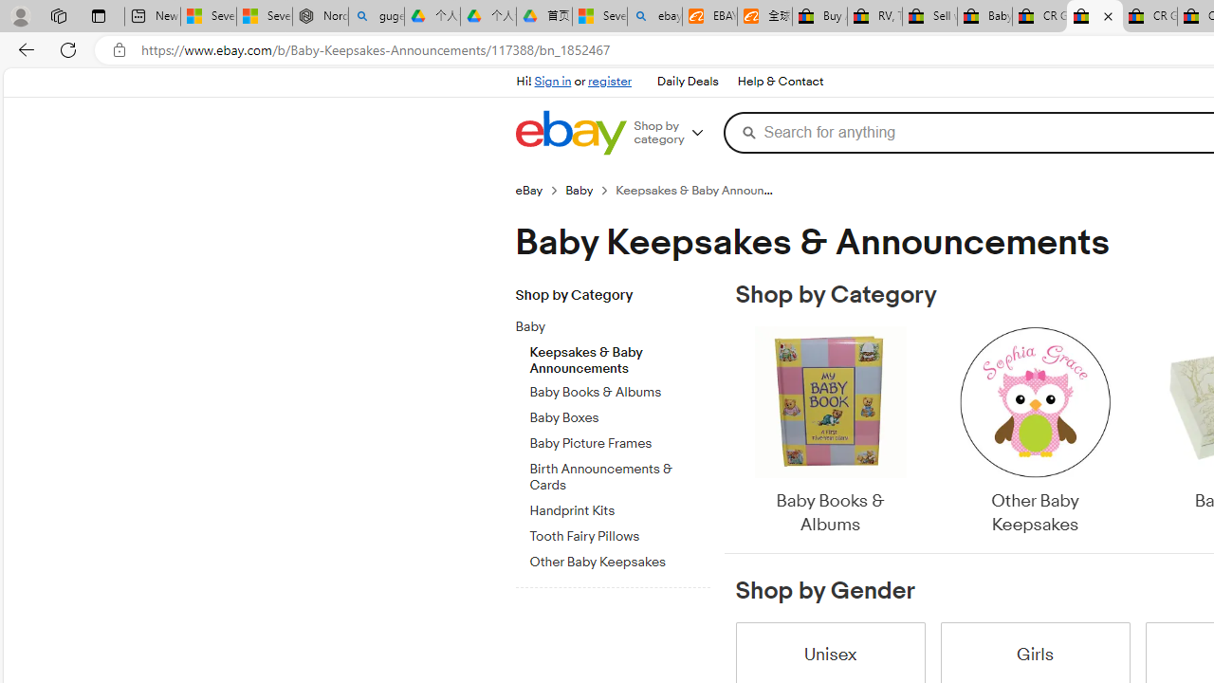  I want to click on 'Close tab', so click(1108, 16).